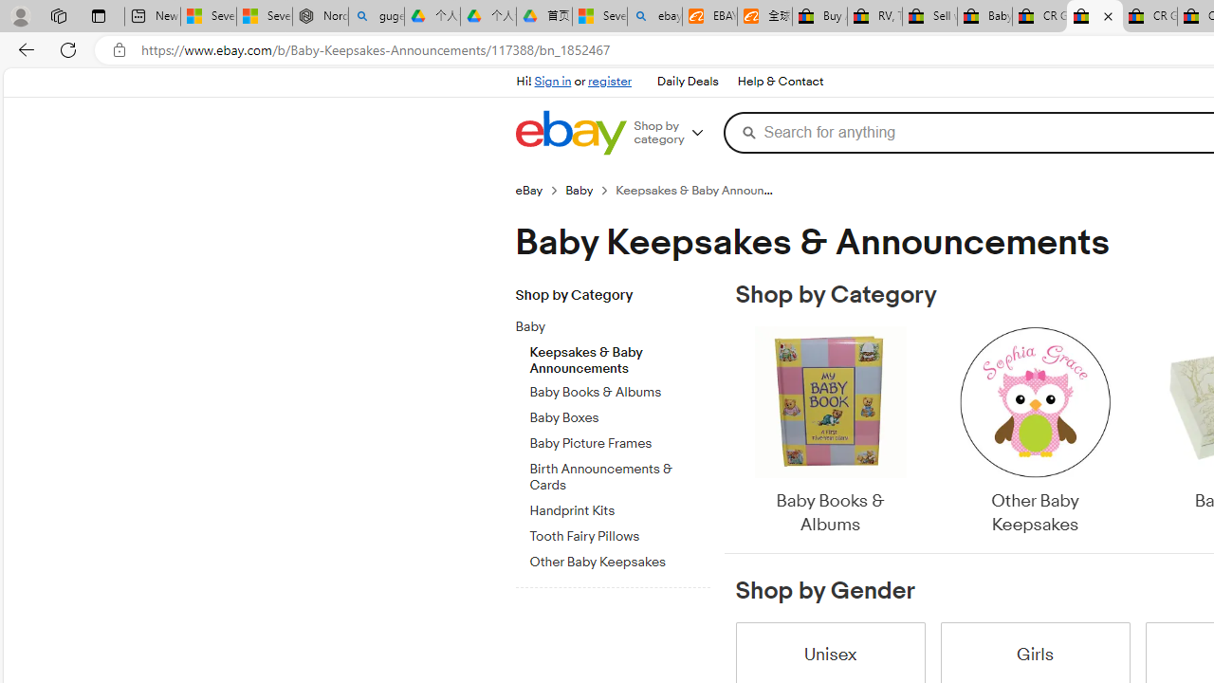  I want to click on 'Close tab', so click(1108, 16).